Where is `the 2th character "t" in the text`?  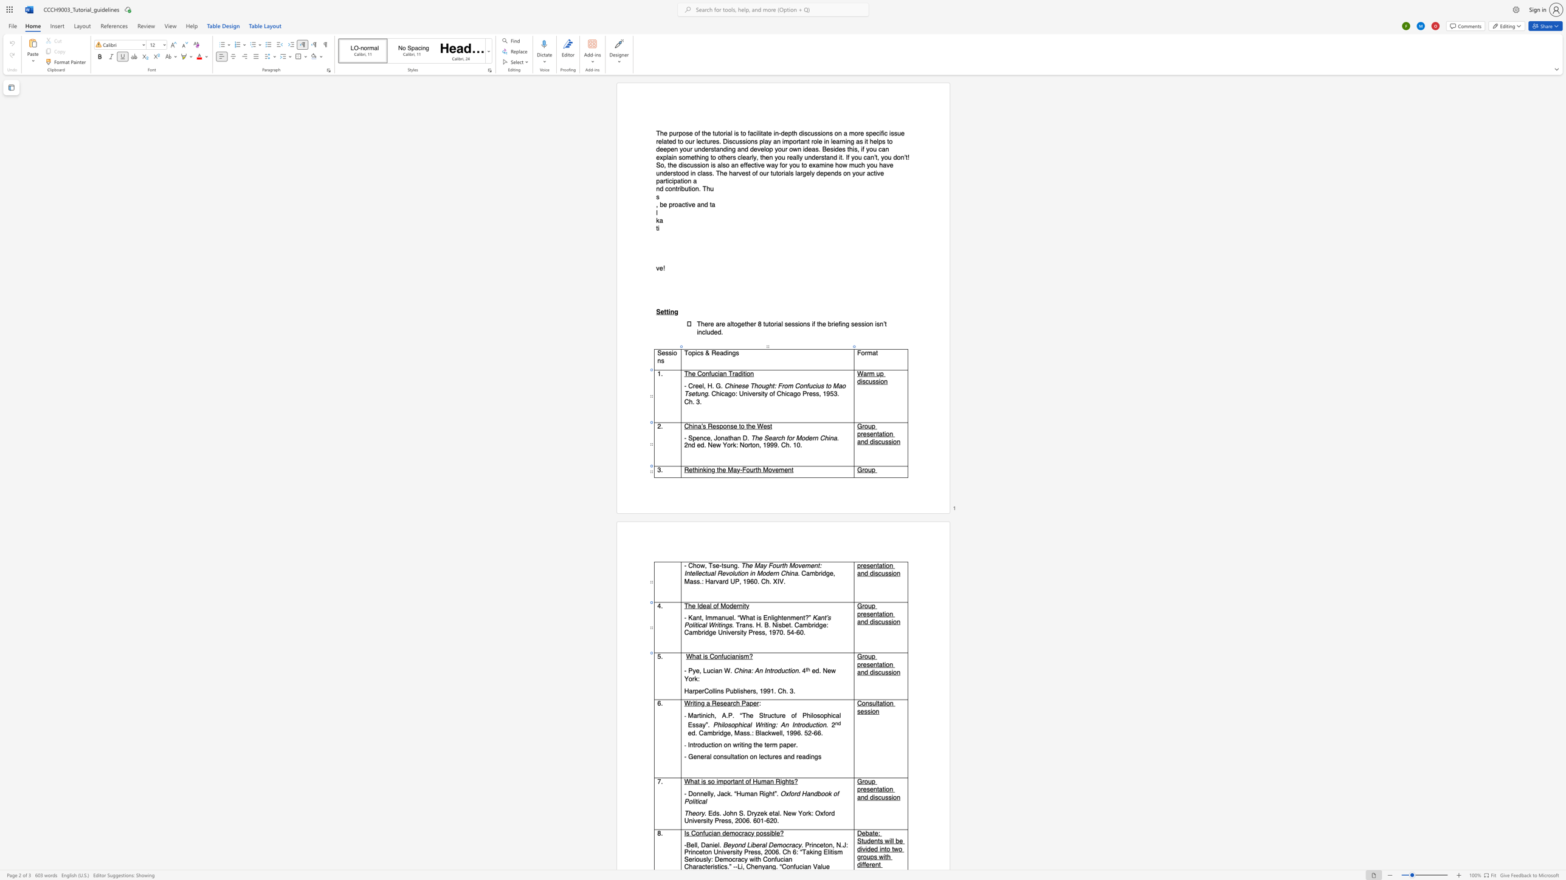
the 2th character "t" in the text is located at coordinates (754, 618).